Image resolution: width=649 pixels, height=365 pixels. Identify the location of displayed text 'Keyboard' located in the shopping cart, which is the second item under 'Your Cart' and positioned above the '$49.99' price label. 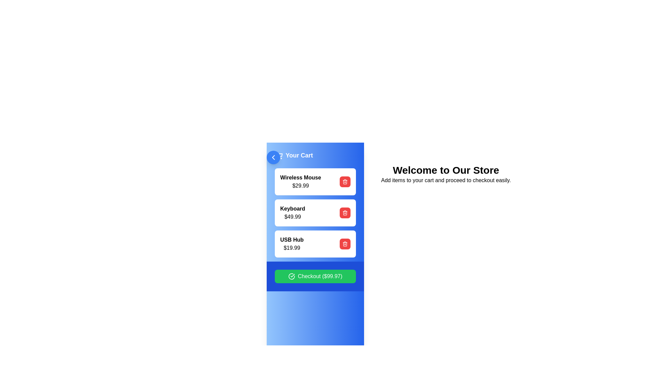
(292, 208).